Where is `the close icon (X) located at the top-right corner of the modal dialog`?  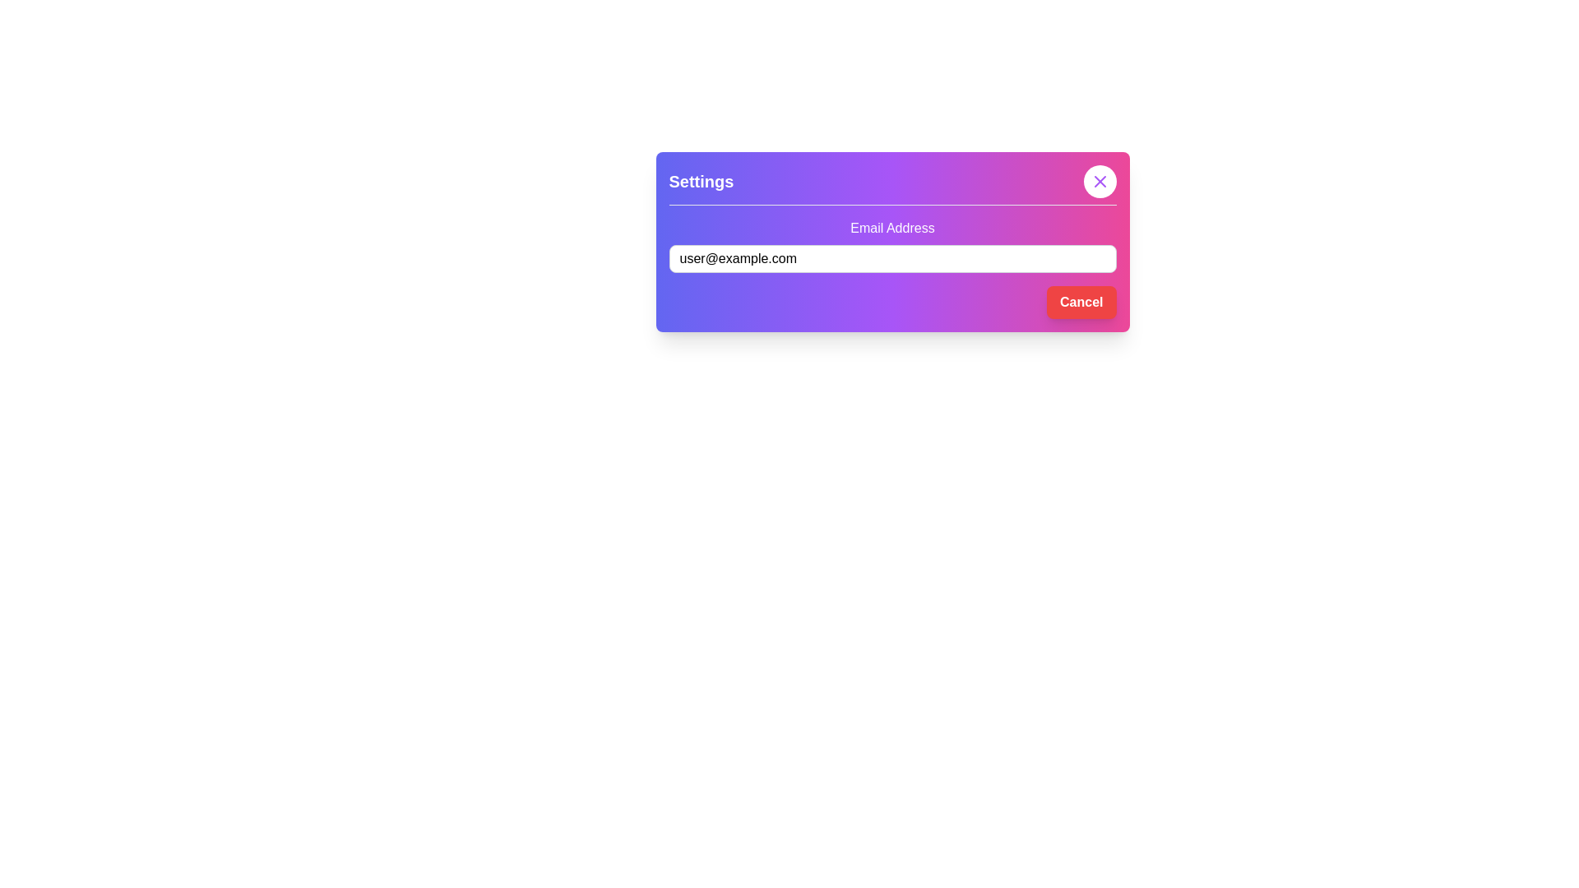 the close icon (X) located at the top-right corner of the modal dialog is located at coordinates (1100, 181).